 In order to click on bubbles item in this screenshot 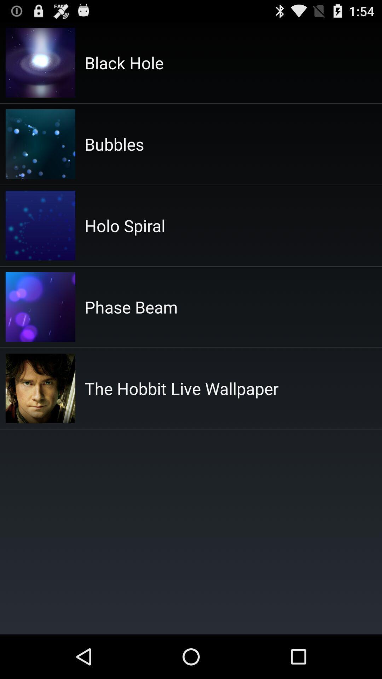, I will do `click(114, 144)`.